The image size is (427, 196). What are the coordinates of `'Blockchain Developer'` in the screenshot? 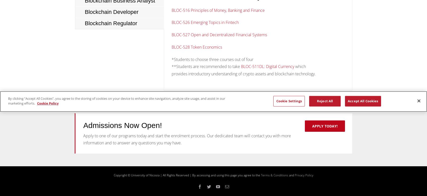 It's located at (111, 12).